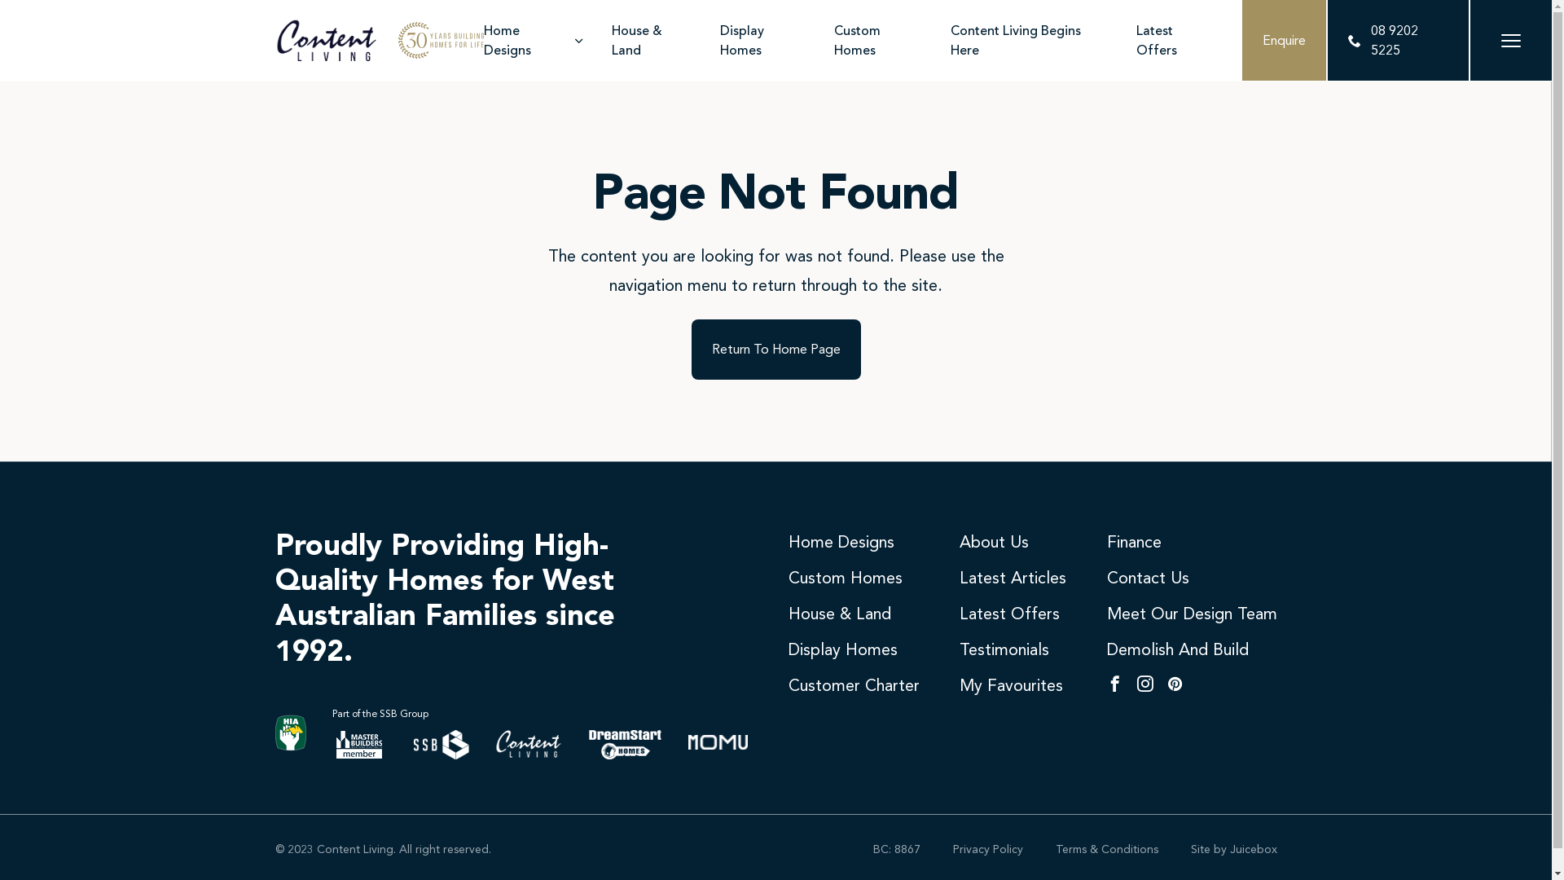 The width and height of the screenshot is (1564, 880). I want to click on 'My Favourites', so click(1010, 684).